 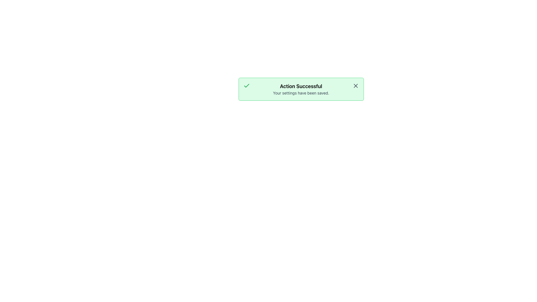 What do you see at coordinates (301, 93) in the screenshot?
I see `message 'Your settings have been saved.' displayed in smaller gray font under the bold text 'Action Successful' in the notification box` at bounding box center [301, 93].